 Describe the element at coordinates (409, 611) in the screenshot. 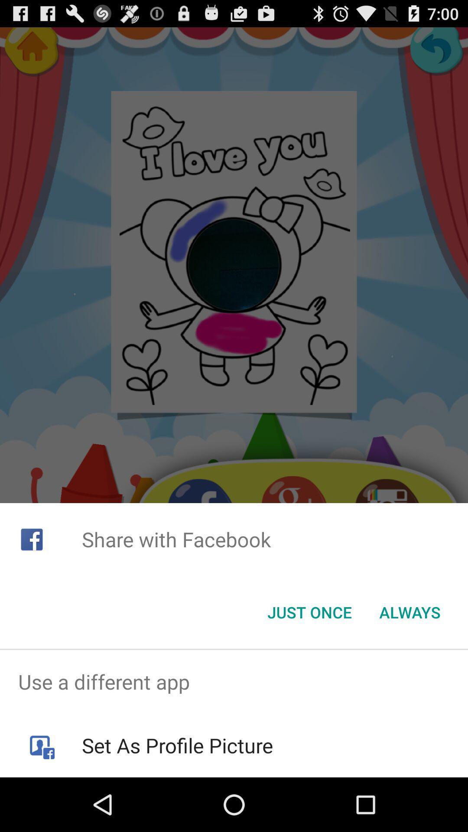

I see `the always item` at that location.